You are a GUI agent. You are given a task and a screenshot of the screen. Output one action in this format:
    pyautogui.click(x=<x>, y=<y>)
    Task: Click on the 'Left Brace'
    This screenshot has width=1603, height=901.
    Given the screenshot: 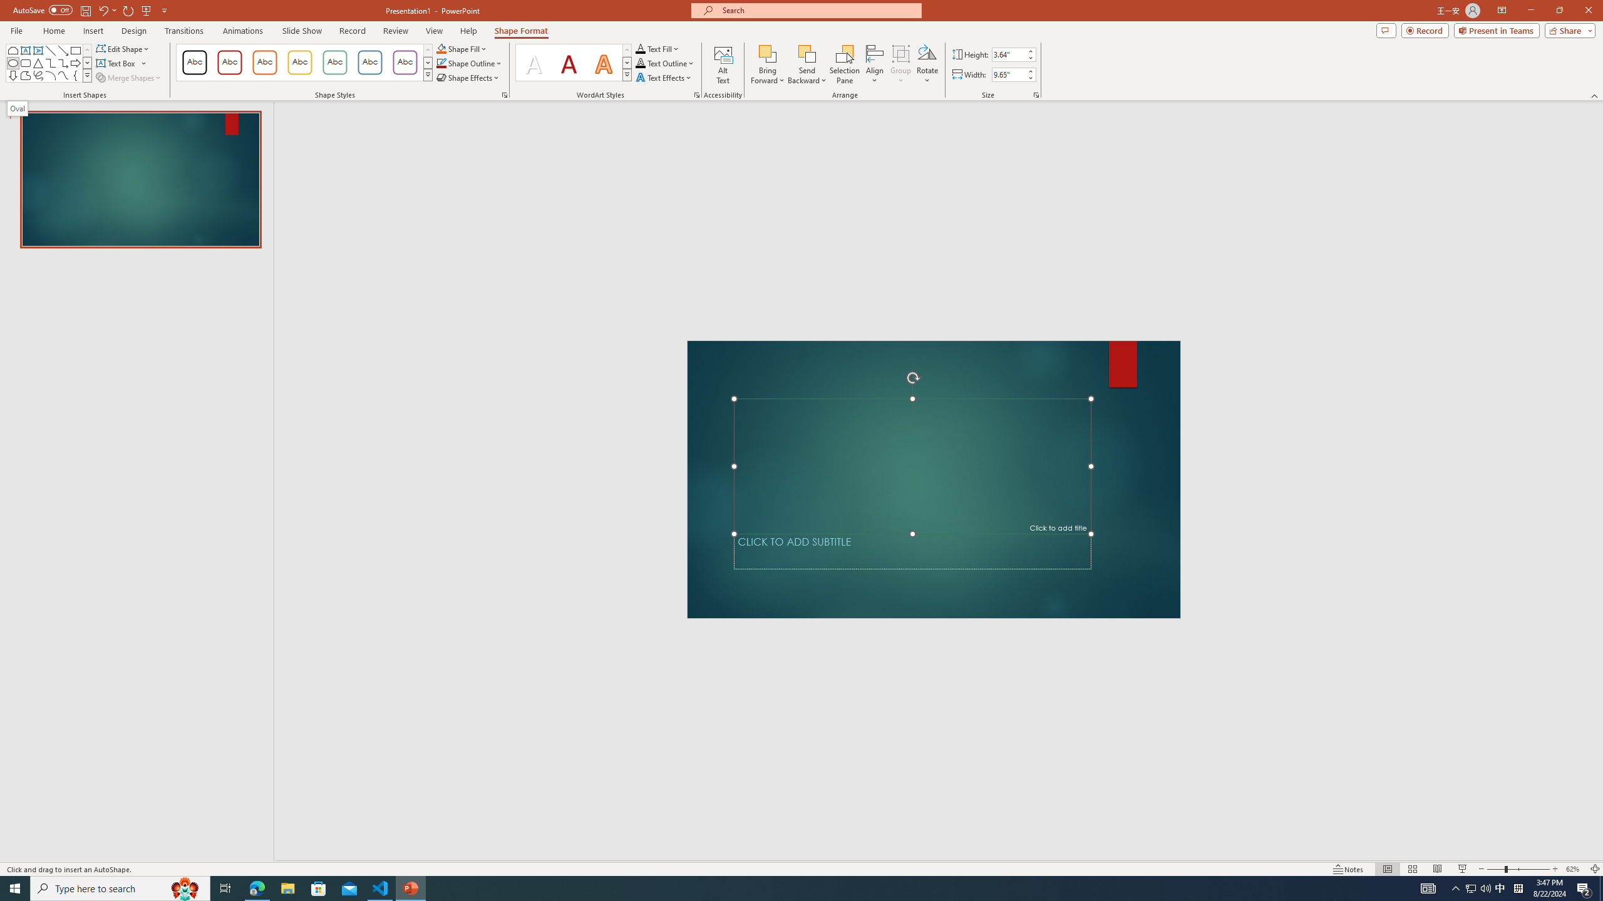 What is the action you would take?
    pyautogui.click(x=75, y=74)
    